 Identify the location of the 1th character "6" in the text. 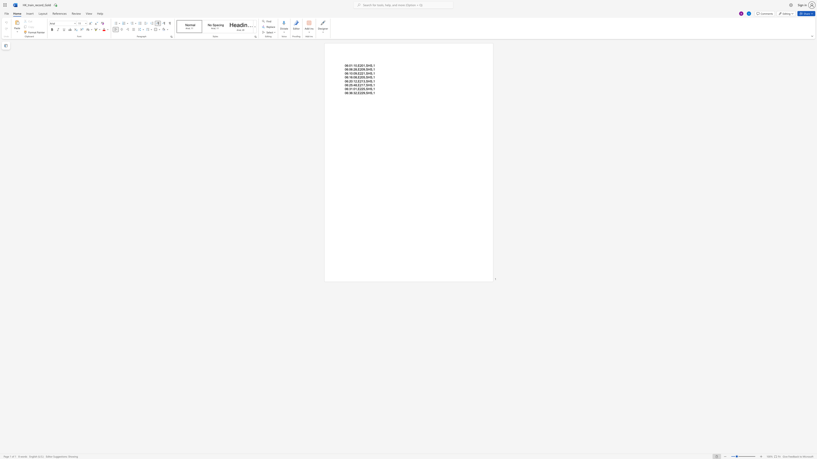
(347, 69).